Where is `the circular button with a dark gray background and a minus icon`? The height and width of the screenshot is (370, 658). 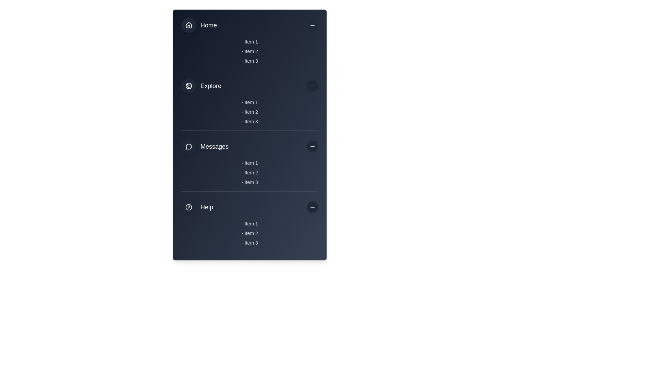 the circular button with a dark gray background and a minus icon is located at coordinates (312, 85).